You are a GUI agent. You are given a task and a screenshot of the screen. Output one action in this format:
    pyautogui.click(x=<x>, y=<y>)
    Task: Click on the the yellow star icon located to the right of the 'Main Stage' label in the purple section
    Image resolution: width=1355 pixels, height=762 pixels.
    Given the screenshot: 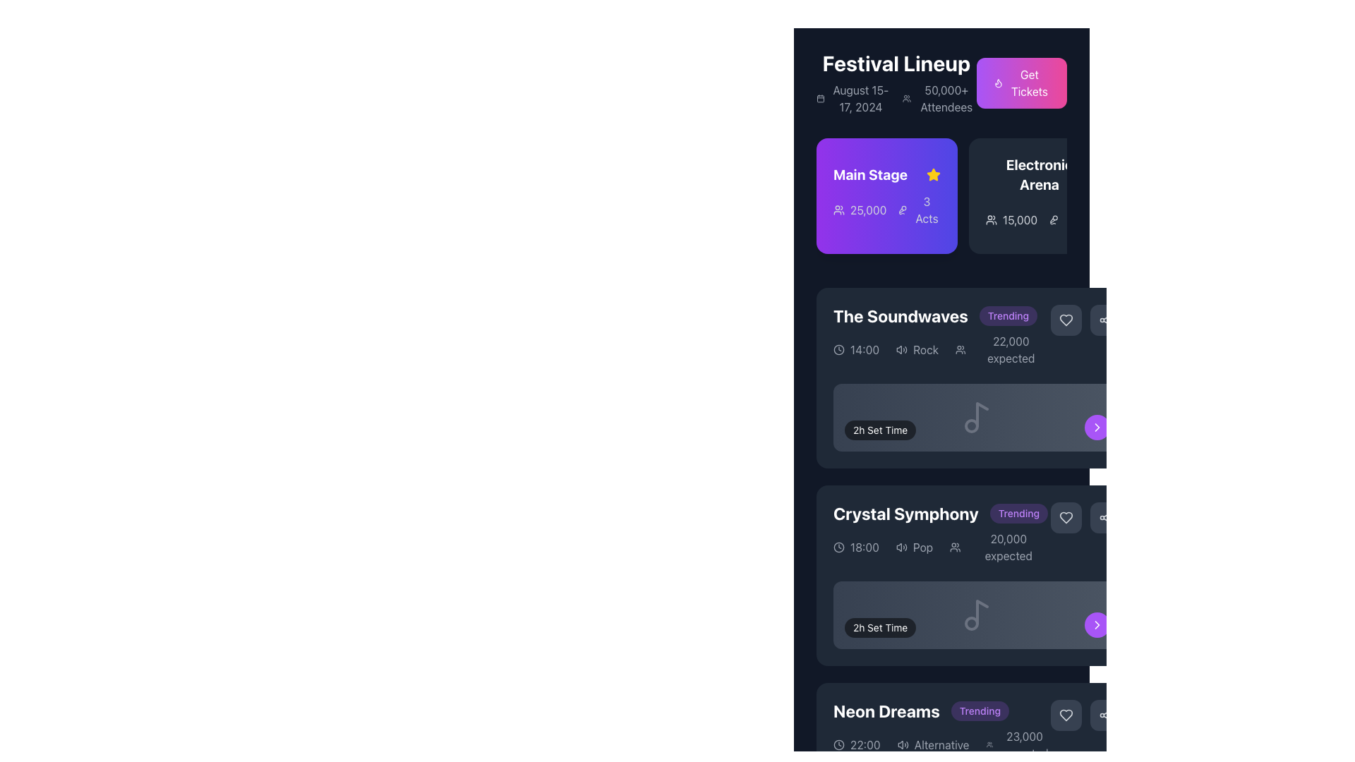 What is the action you would take?
    pyautogui.click(x=934, y=174)
    